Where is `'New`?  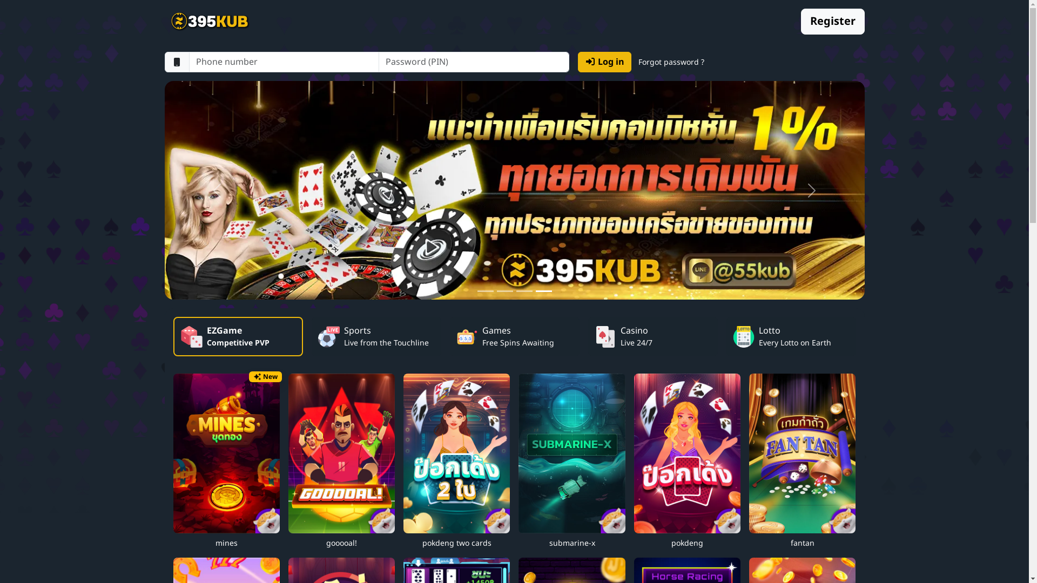
'New is located at coordinates (173, 461).